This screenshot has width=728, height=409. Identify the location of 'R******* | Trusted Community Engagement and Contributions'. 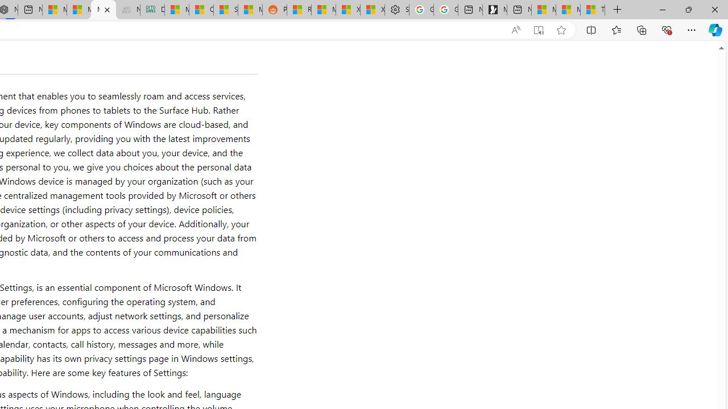
(299, 10).